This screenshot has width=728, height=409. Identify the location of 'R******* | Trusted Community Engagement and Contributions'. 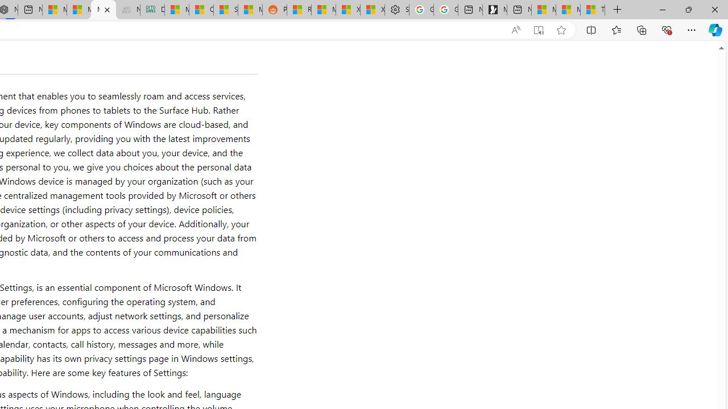
(299, 10).